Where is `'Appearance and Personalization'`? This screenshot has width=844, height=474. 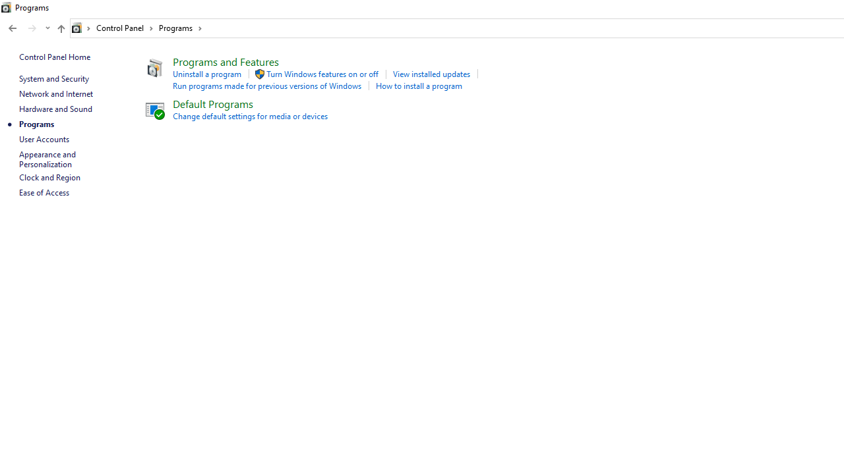 'Appearance and Personalization' is located at coordinates (48, 158).